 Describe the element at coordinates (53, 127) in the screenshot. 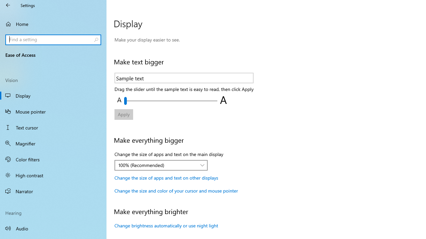

I see `'Text cursor'` at that location.